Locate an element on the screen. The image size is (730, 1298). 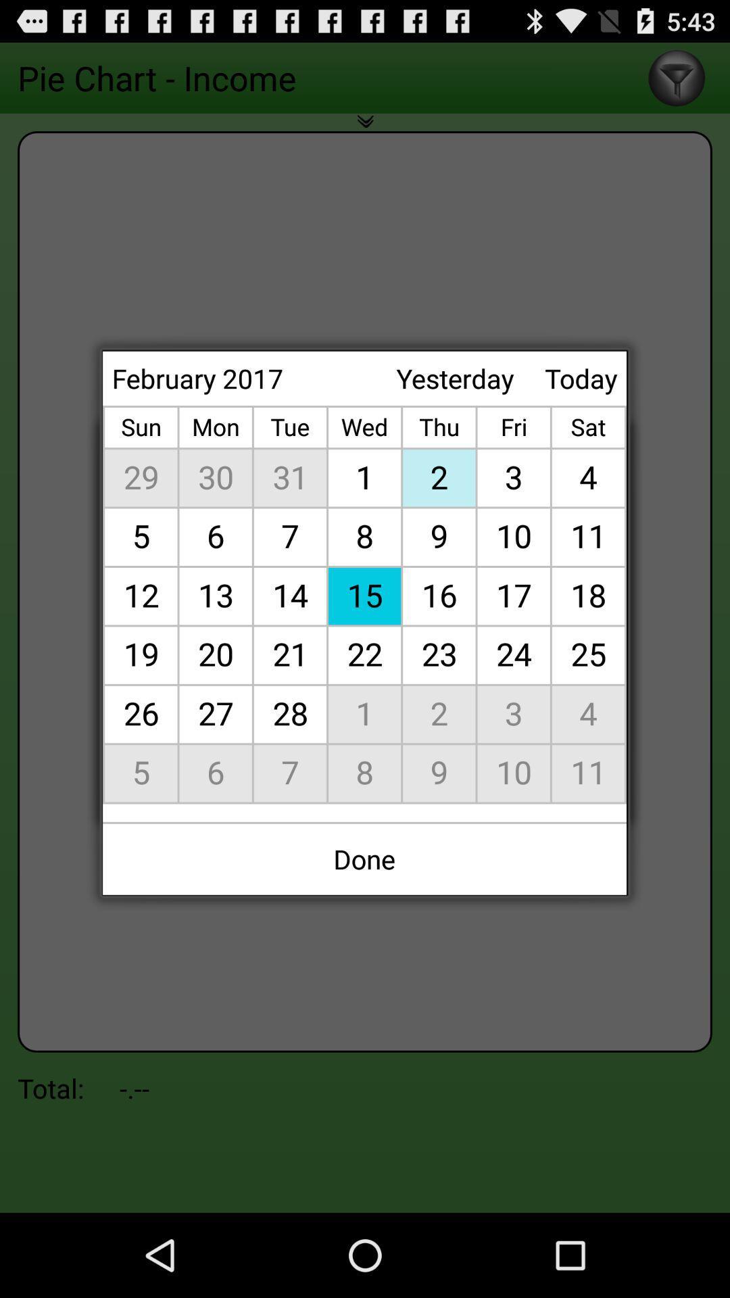
the yesterday at the top is located at coordinates (455, 378).